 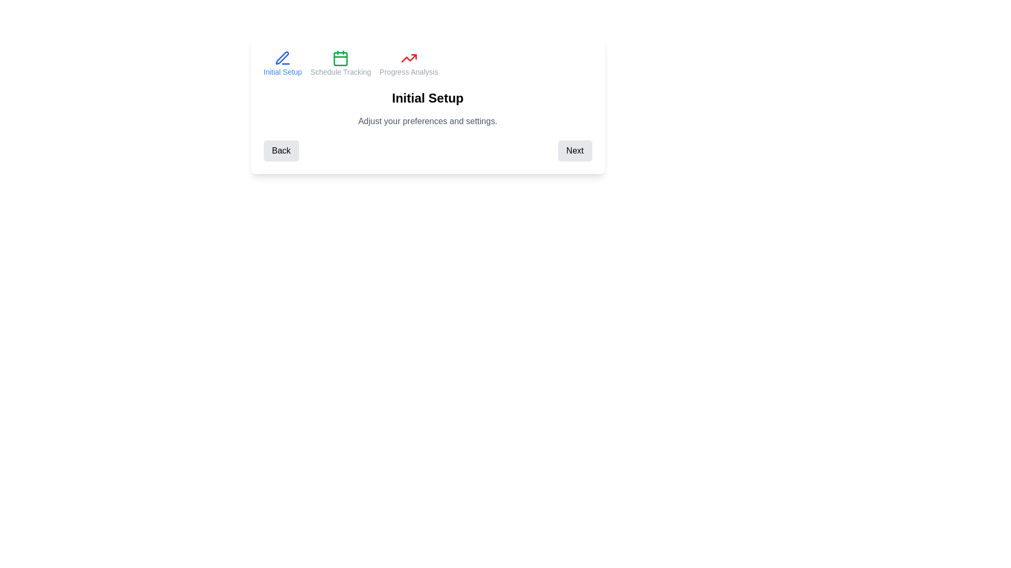 What do you see at coordinates (283, 63) in the screenshot?
I see `the milestone icon for Initial Setup` at bounding box center [283, 63].